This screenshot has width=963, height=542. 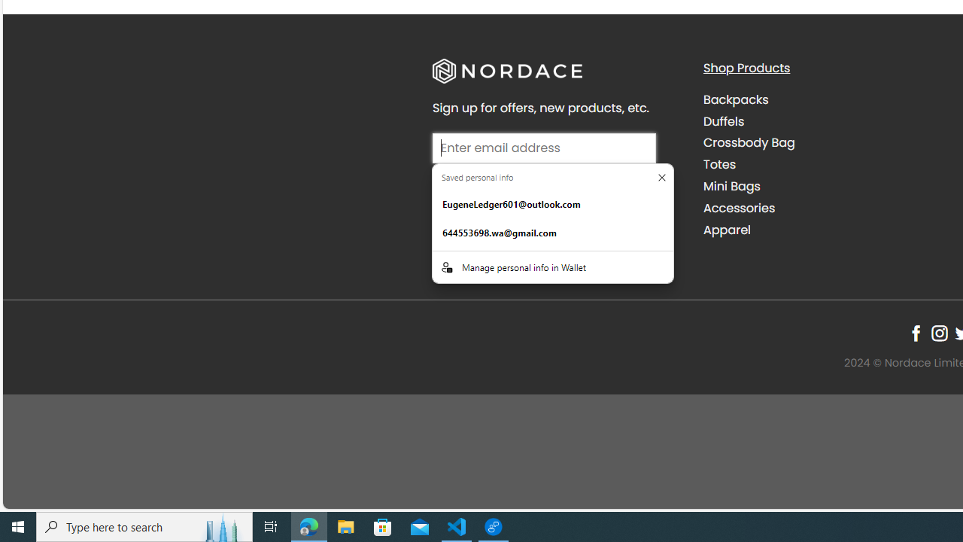 What do you see at coordinates (662, 176) in the screenshot?
I see `'Don'` at bounding box center [662, 176].